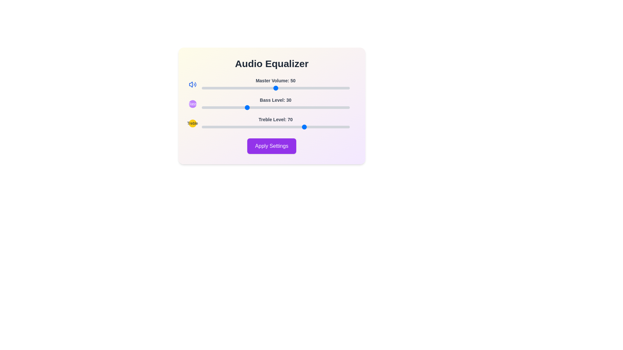 This screenshot has height=350, width=623. I want to click on the master volume, so click(348, 88).